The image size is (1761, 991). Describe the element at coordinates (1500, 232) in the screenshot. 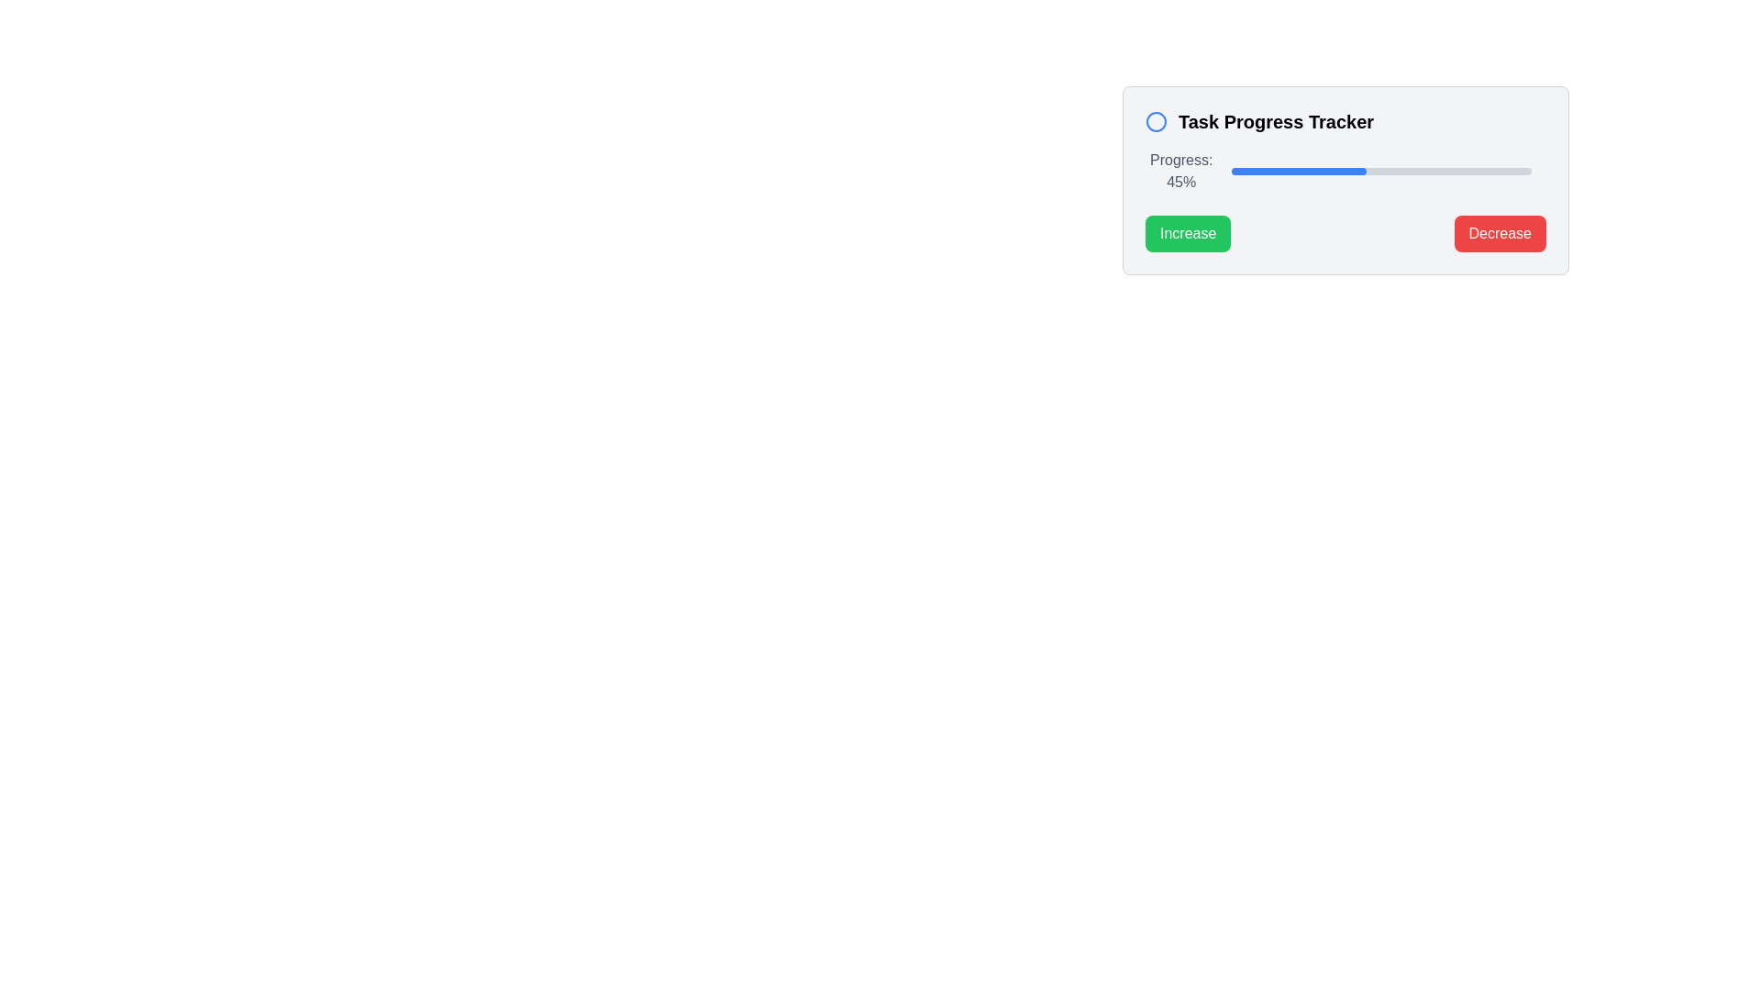

I see `the decrease button located to the right of the increase button in the task progress tracker system to observe the hover effect` at that location.